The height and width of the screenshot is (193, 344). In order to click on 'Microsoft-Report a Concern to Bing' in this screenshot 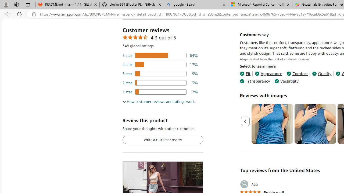, I will do `click(260, 5)`.